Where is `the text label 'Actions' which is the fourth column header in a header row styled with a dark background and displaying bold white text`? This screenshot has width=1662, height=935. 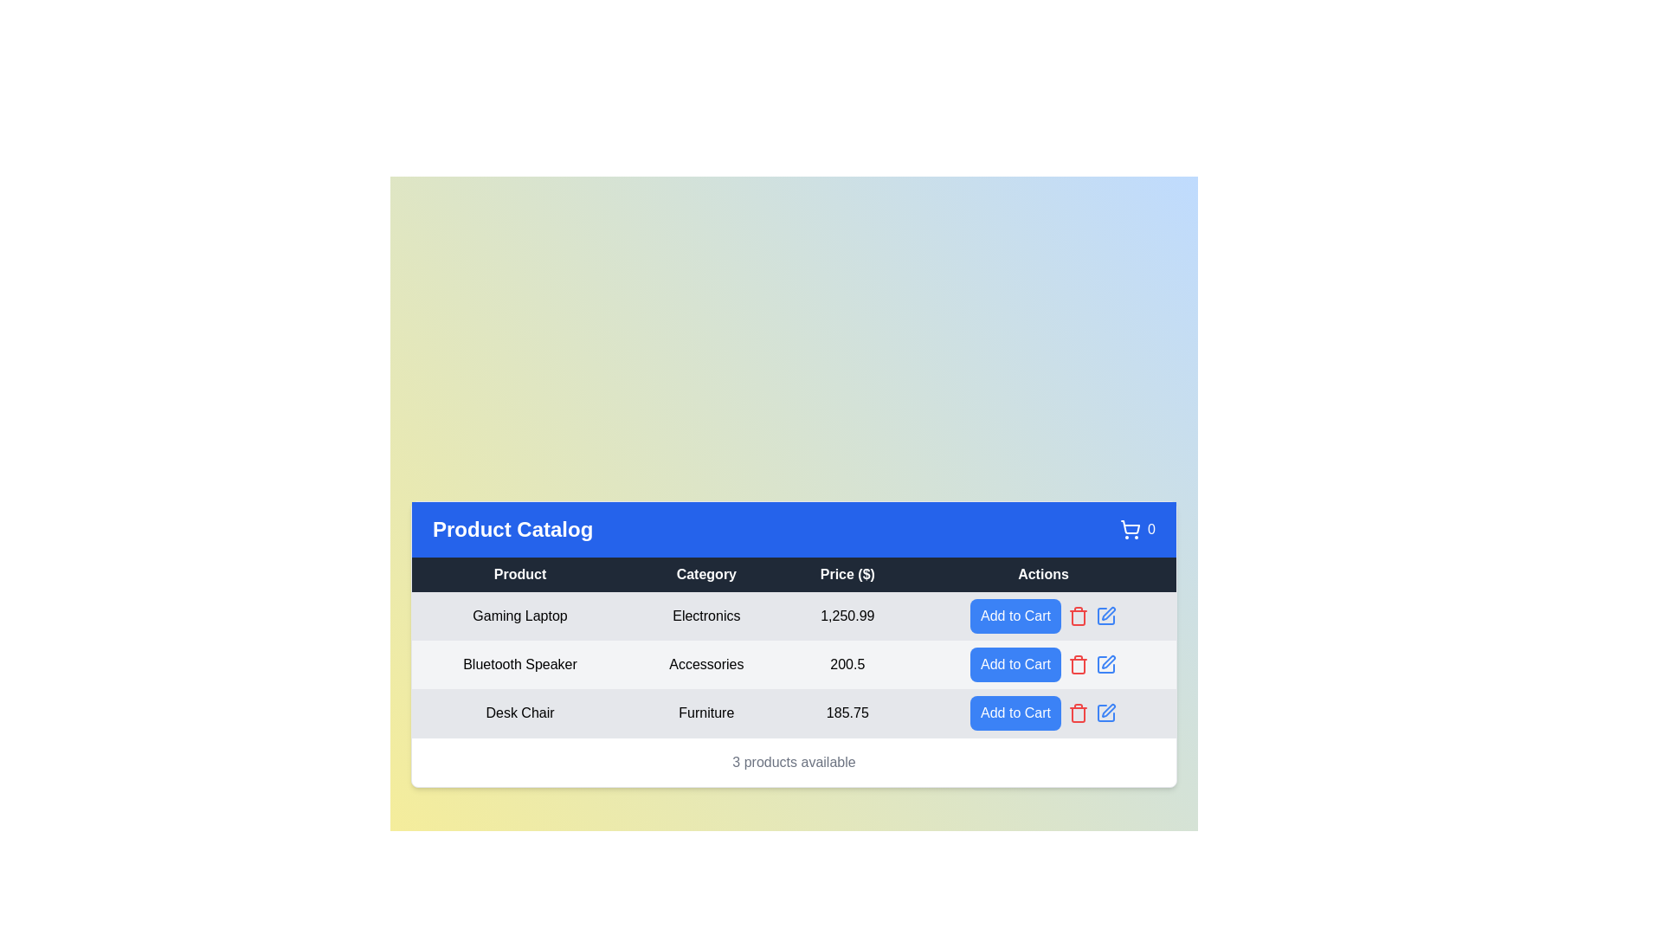 the text label 'Actions' which is the fourth column header in a header row styled with a dark background and displaying bold white text is located at coordinates (1042, 574).